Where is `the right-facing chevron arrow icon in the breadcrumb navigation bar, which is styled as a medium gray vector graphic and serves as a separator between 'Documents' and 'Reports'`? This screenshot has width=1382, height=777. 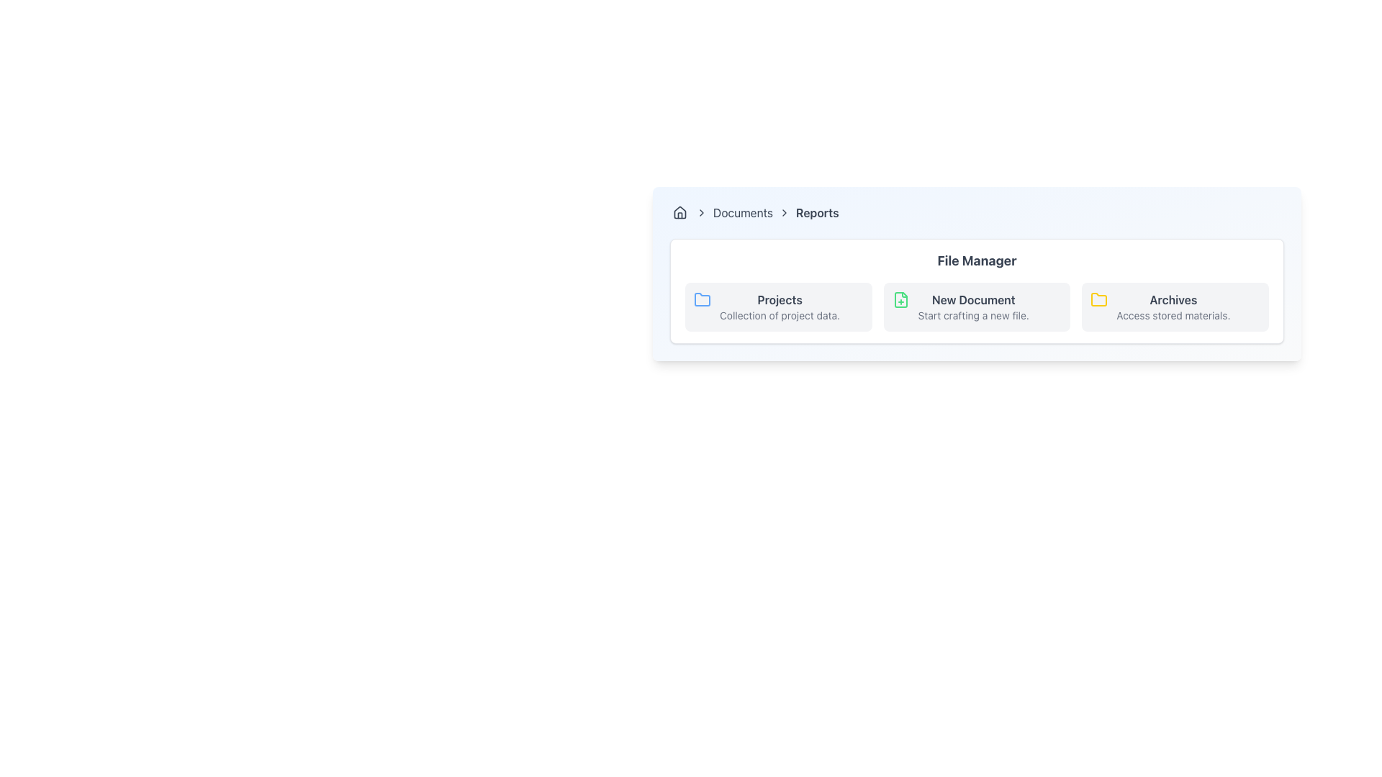 the right-facing chevron arrow icon in the breadcrumb navigation bar, which is styled as a medium gray vector graphic and serves as a separator between 'Documents' and 'Reports' is located at coordinates (701, 213).